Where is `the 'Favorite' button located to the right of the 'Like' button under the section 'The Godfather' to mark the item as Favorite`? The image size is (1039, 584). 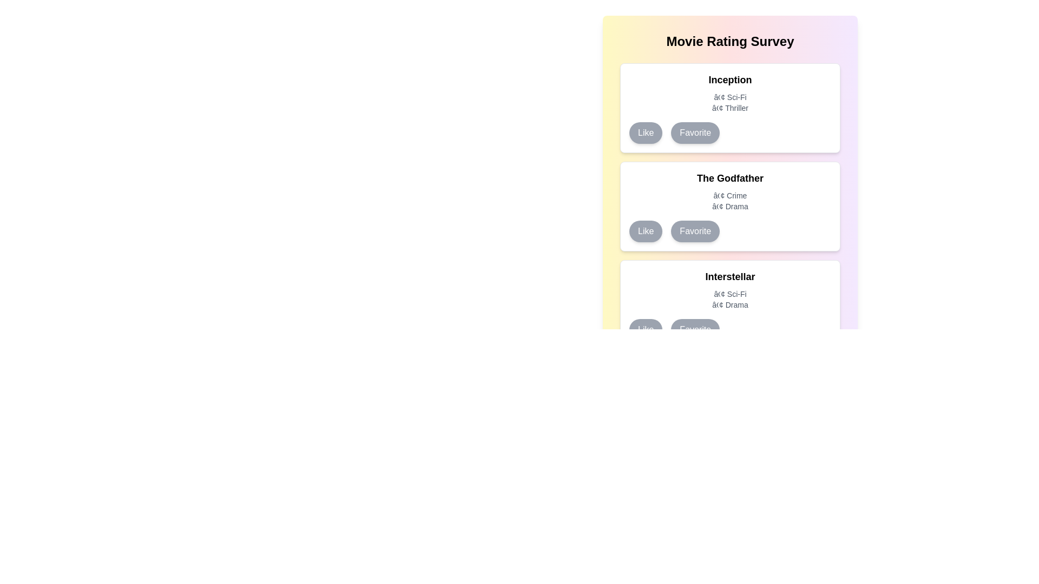 the 'Favorite' button located to the right of the 'Like' button under the section 'The Godfather' to mark the item as Favorite is located at coordinates (695, 231).